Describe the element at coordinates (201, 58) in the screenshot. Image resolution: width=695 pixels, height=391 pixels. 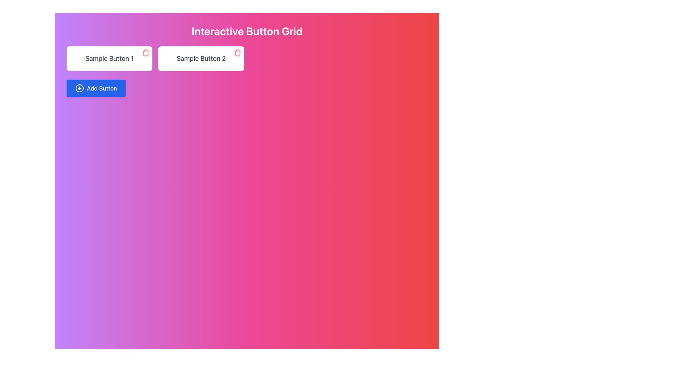
I see `the button located in the upper row of the grid layout, which is the second button from the left, positioned to the right of 'Sample Button 1' and above the blue 'Add Button'` at that location.